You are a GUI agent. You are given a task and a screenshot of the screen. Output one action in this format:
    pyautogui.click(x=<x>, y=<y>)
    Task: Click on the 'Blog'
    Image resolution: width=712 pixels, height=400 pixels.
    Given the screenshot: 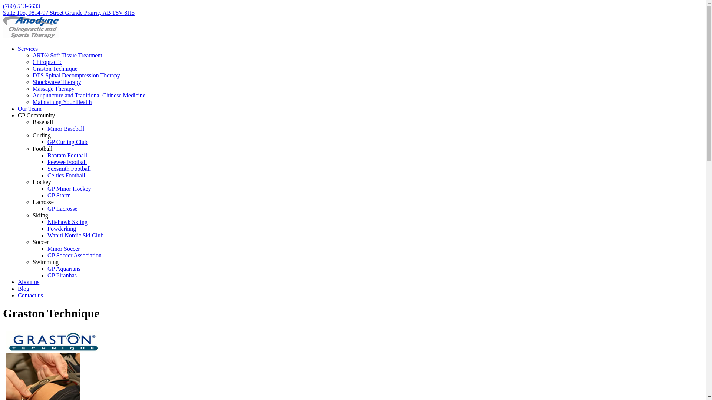 What is the action you would take?
    pyautogui.click(x=23, y=288)
    